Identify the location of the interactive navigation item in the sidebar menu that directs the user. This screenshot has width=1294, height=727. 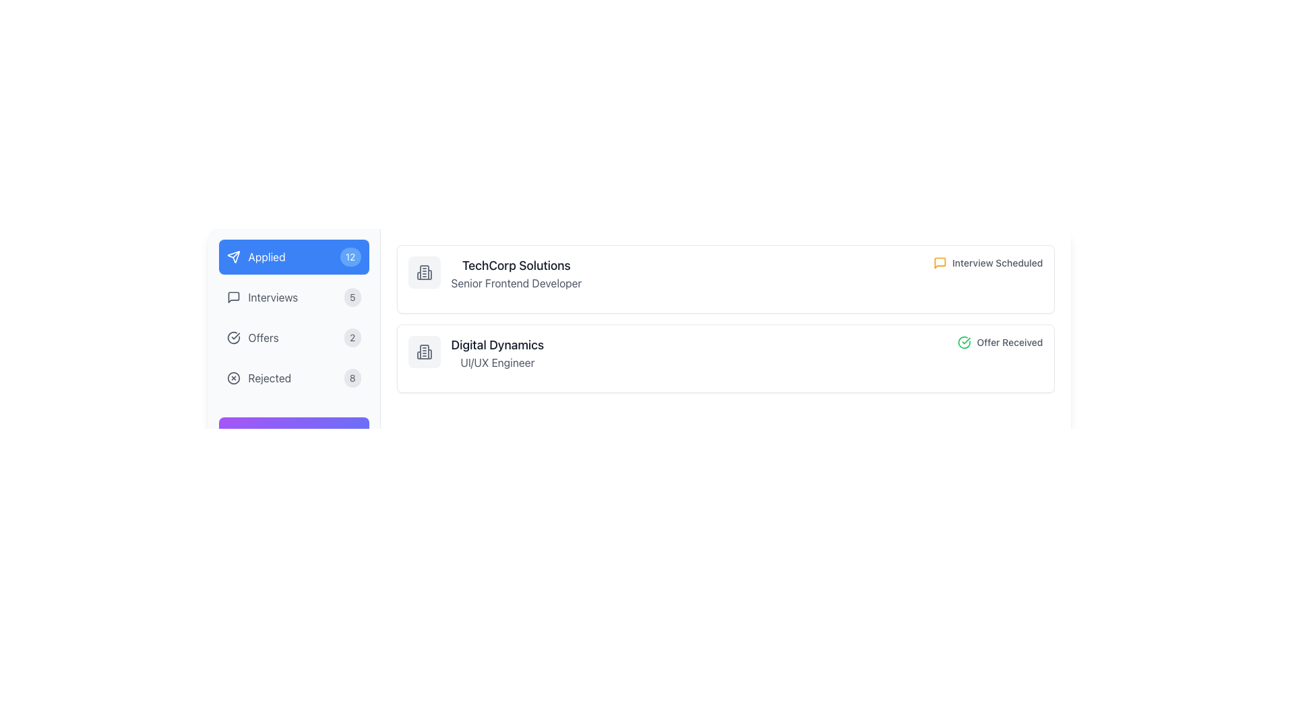
(293, 337).